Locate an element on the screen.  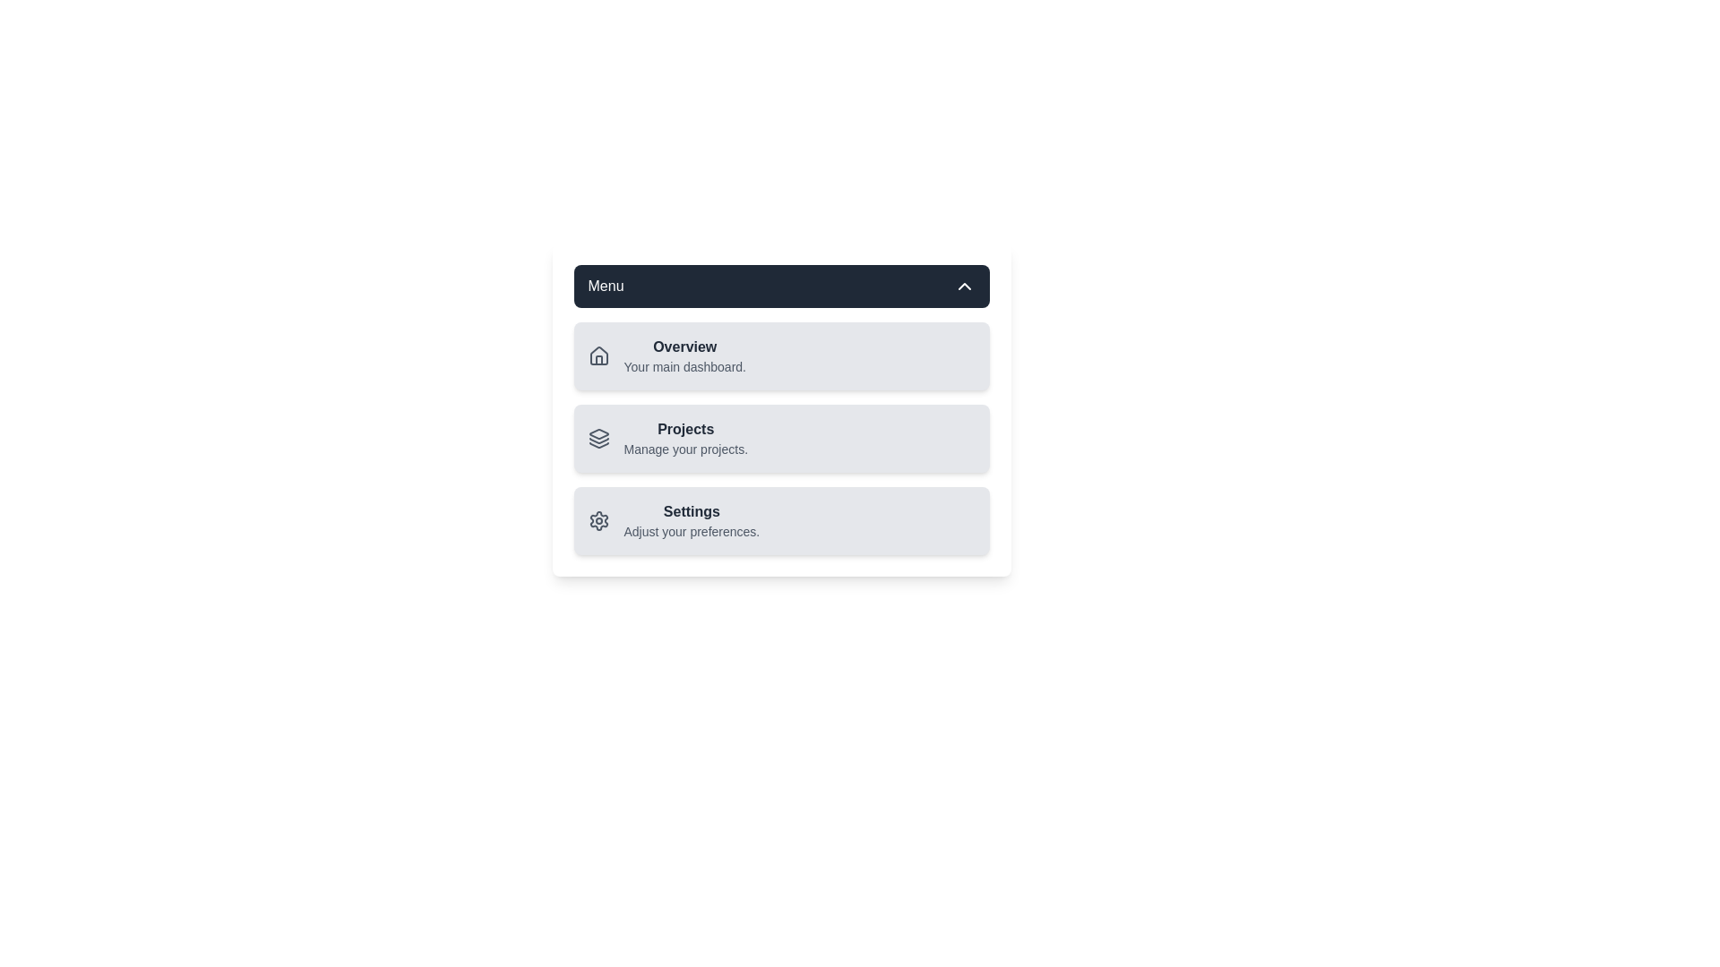
the menu item Overview from the list is located at coordinates (666, 355).